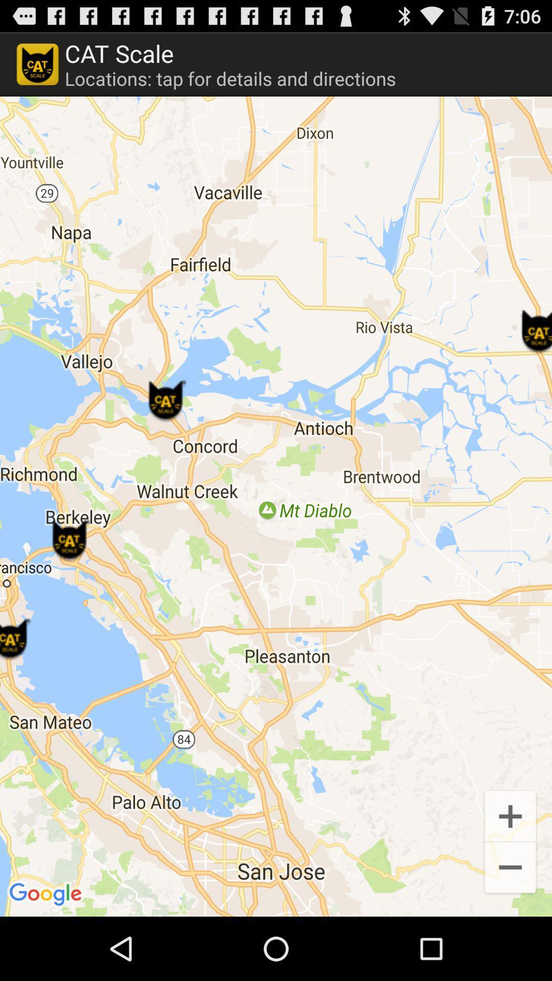 This screenshot has height=981, width=552. What do you see at coordinates (510, 872) in the screenshot?
I see `the add icon` at bounding box center [510, 872].